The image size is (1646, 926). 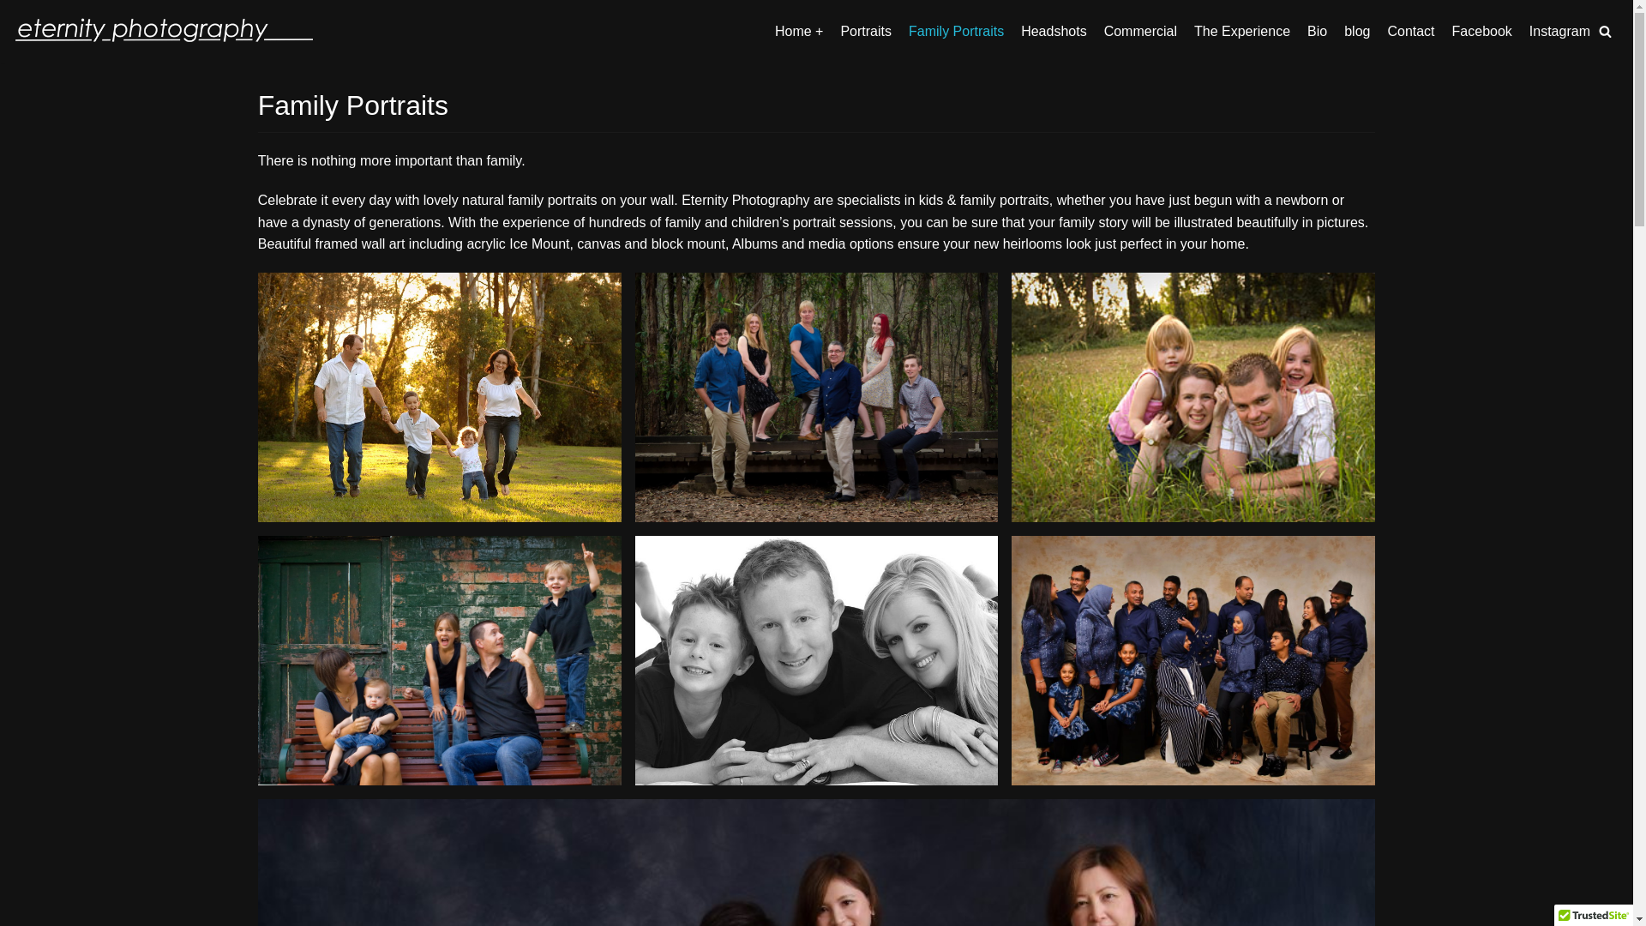 I want to click on 'Commercial', so click(x=1140, y=32).